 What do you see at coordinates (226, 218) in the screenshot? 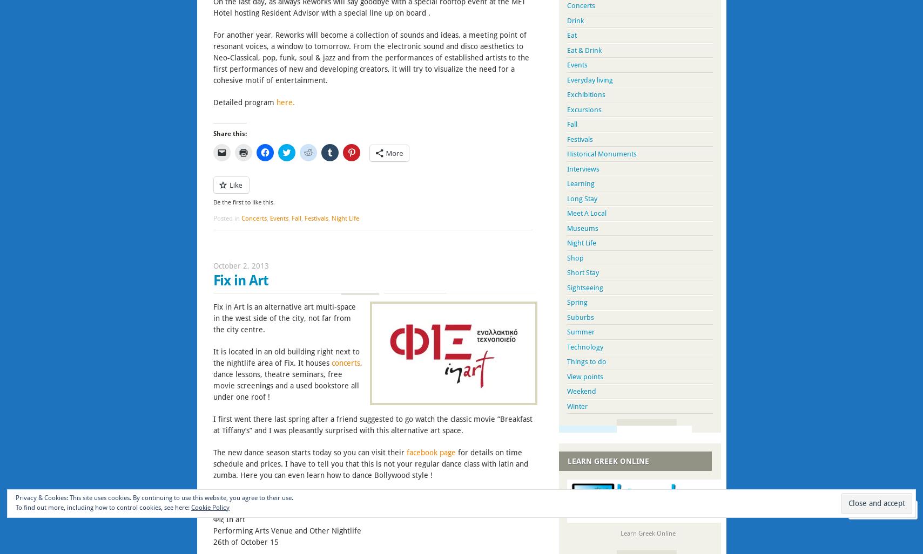
I see `'Posted in'` at bounding box center [226, 218].